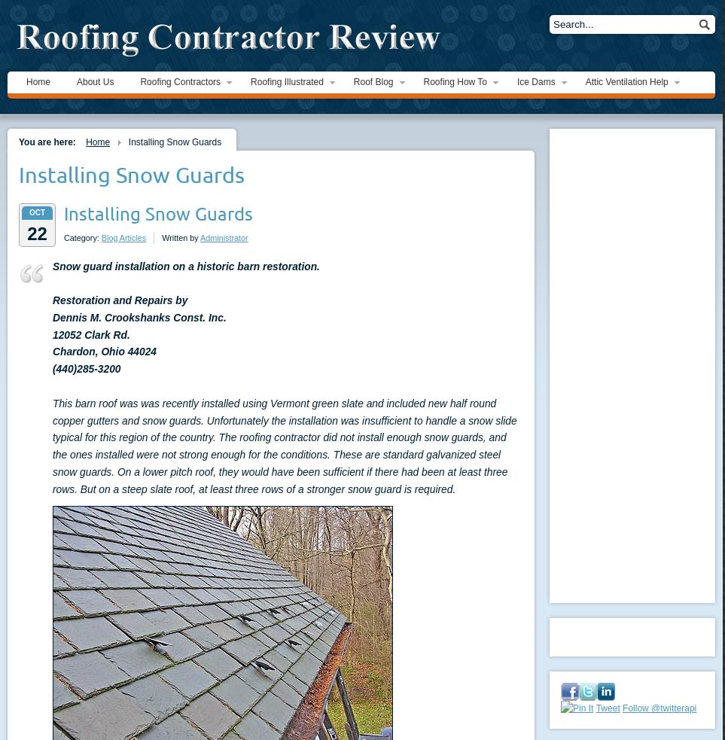  What do you see at coordinates (517, 203) in the screenshot?
I see `'Ice Dam Leak in New Addition'` at bounding box center [517, 203].